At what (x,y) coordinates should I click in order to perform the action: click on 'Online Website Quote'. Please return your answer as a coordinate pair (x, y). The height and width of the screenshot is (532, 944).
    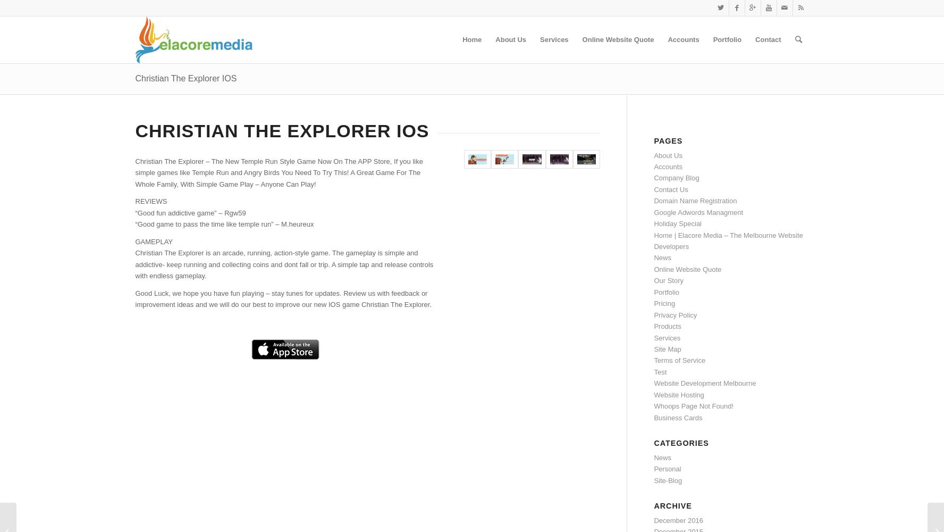
    Looking at the image, I should click on (687, 269).